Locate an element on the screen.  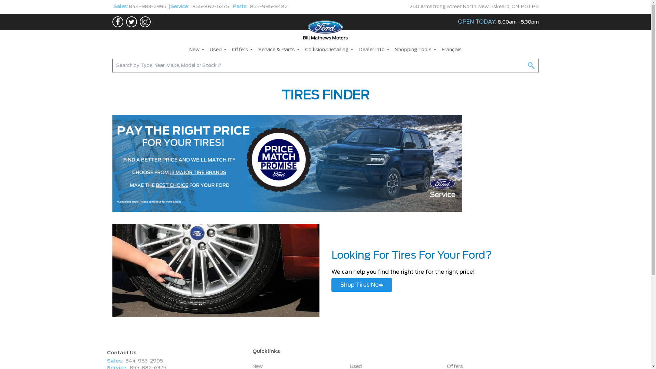
'855-995-9482' is located at coordinates (269, 6).